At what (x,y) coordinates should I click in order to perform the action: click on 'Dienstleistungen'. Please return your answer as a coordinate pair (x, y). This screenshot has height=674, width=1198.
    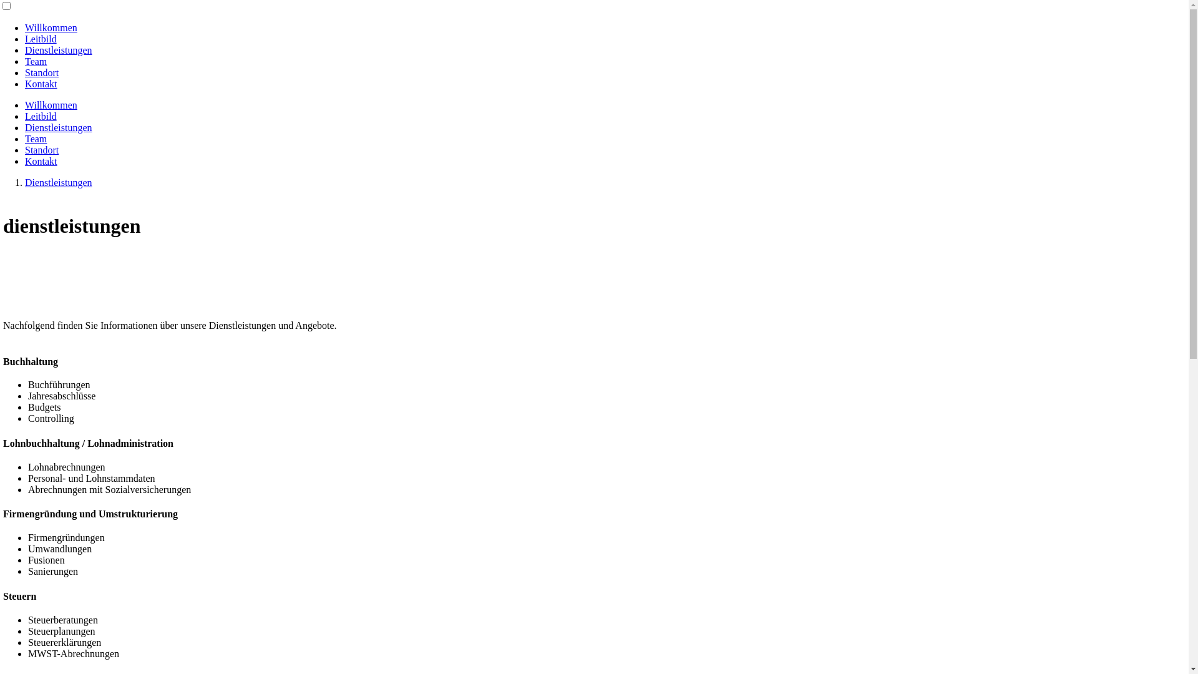
    Looking at the image, I should click on (58, 127).